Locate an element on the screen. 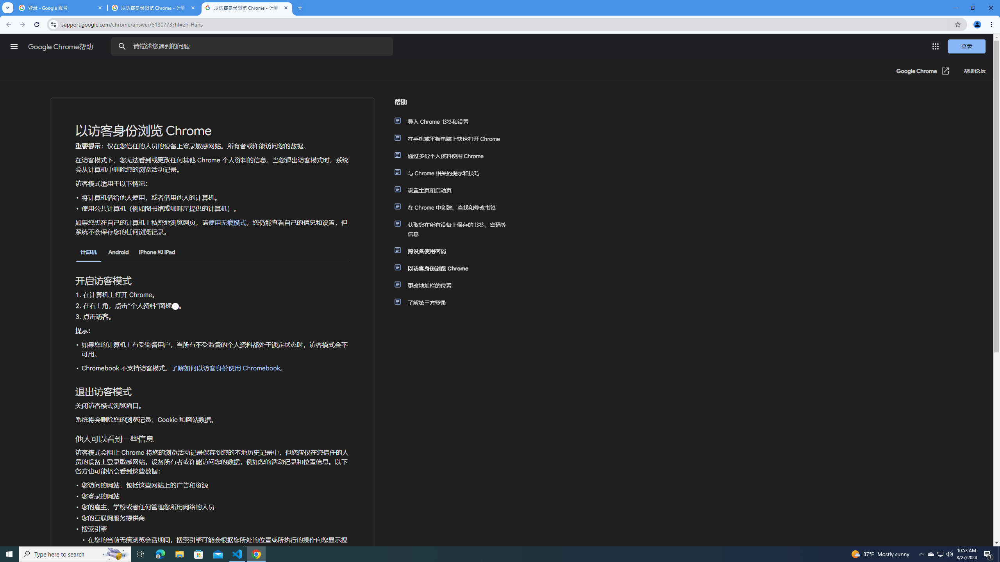  'Android' is located at coordinates (118, 252).